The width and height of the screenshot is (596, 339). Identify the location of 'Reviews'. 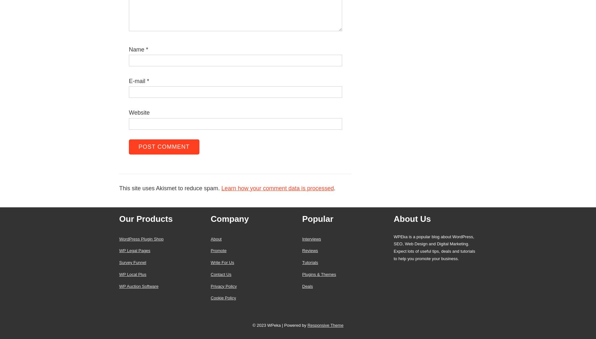
(310, 250).